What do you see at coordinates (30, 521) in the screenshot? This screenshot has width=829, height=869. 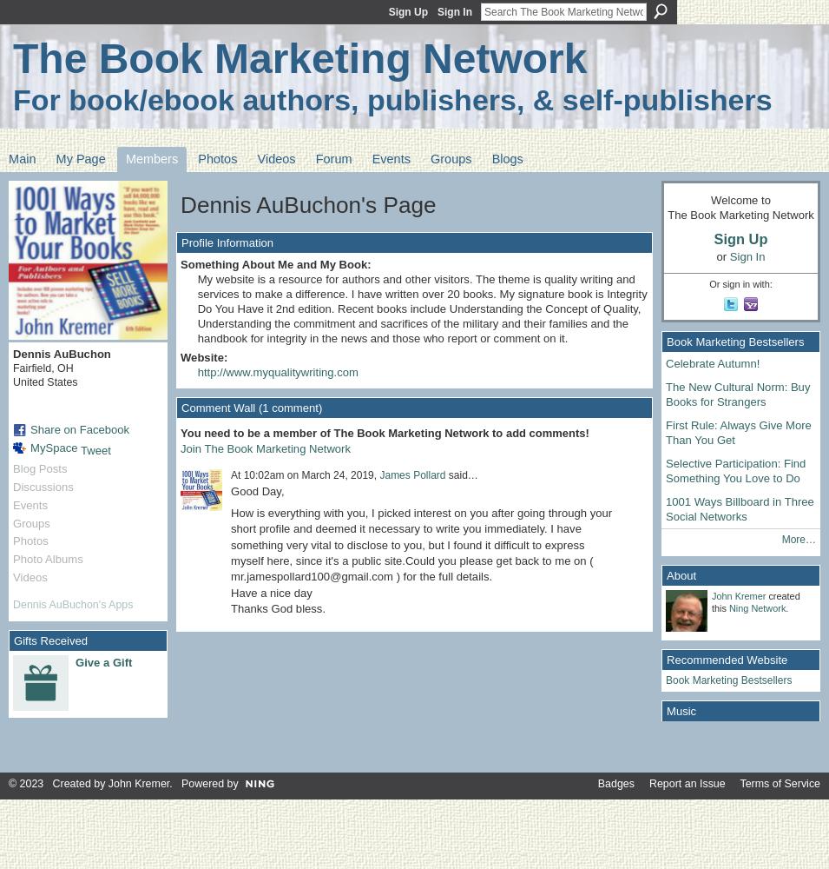 I see `'Groups'` at bounding box center [30, 521].